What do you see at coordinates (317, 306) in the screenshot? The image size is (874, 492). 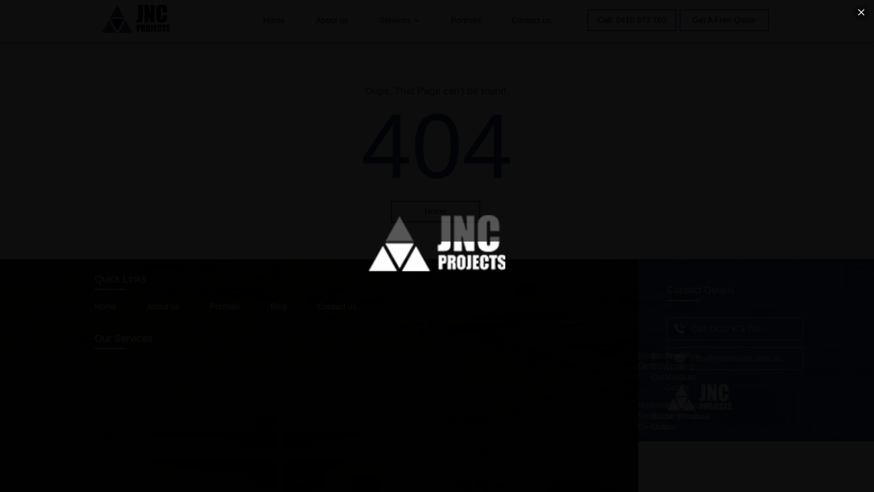 I see `'Contact us'` at bounding box center [317, 306].